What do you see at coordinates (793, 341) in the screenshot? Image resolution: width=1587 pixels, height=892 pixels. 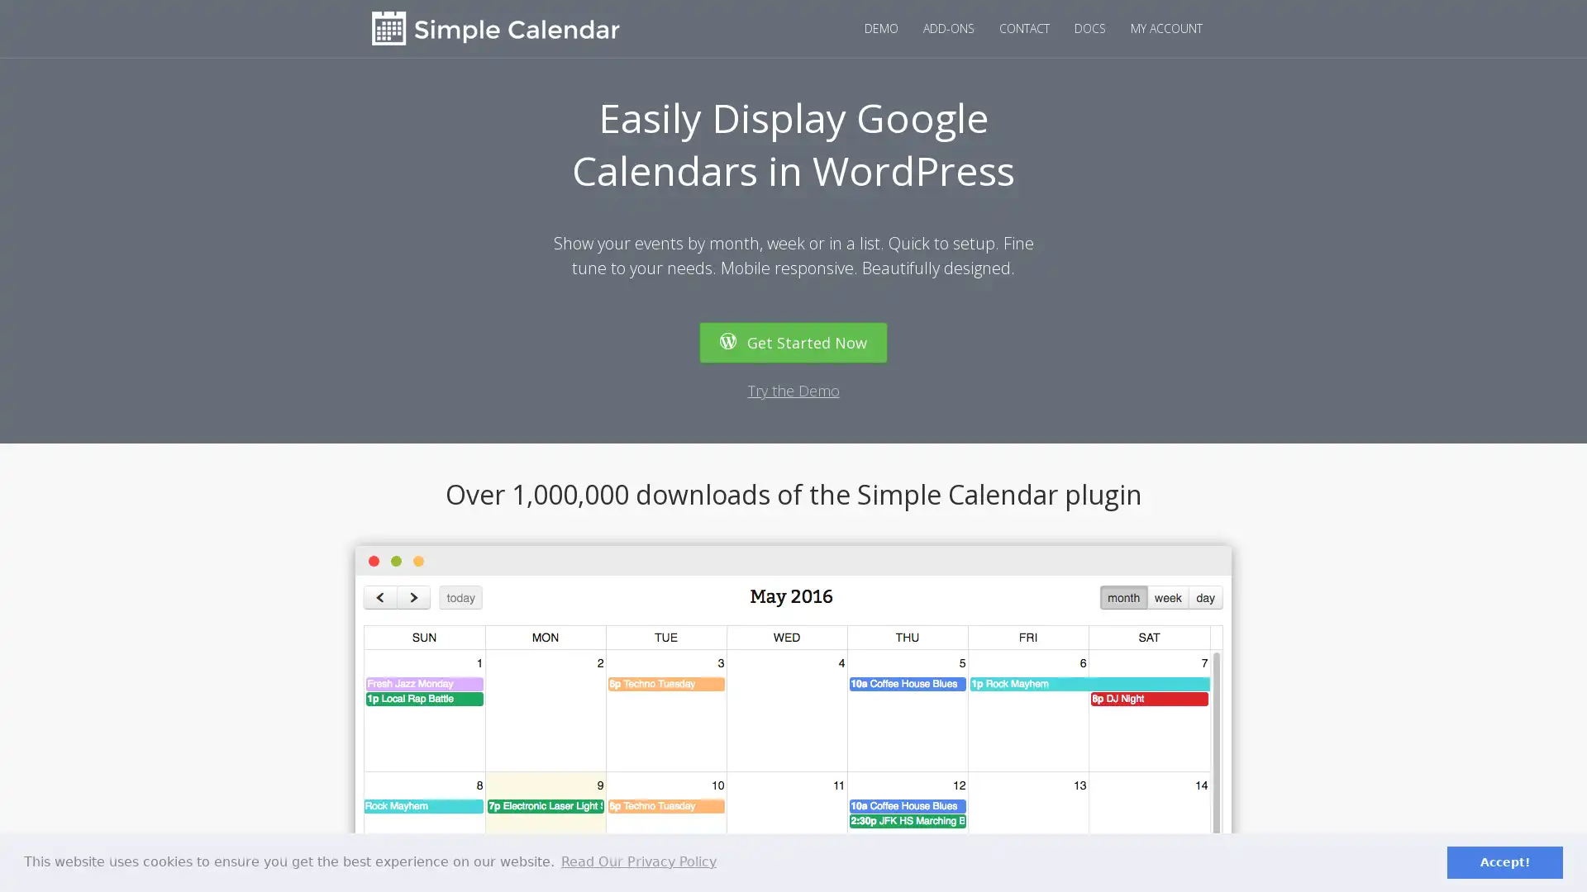 I see `Get Started Now` at bounding box center [793, 341].